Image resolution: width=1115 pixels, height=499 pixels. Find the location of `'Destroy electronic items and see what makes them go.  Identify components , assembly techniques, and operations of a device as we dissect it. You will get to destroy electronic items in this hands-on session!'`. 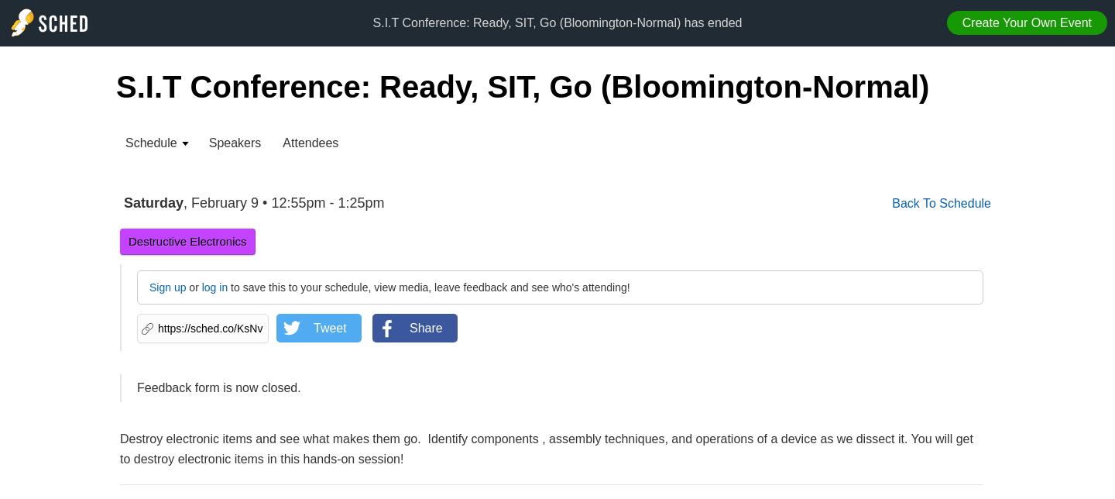

'Destroy electronic items and see what makes them go.  Identify components , assembly techniques, and operations of a device as we dissect it. You will get to destroy electronic items in this hands-on session!' is located at coordinates (546, 448).